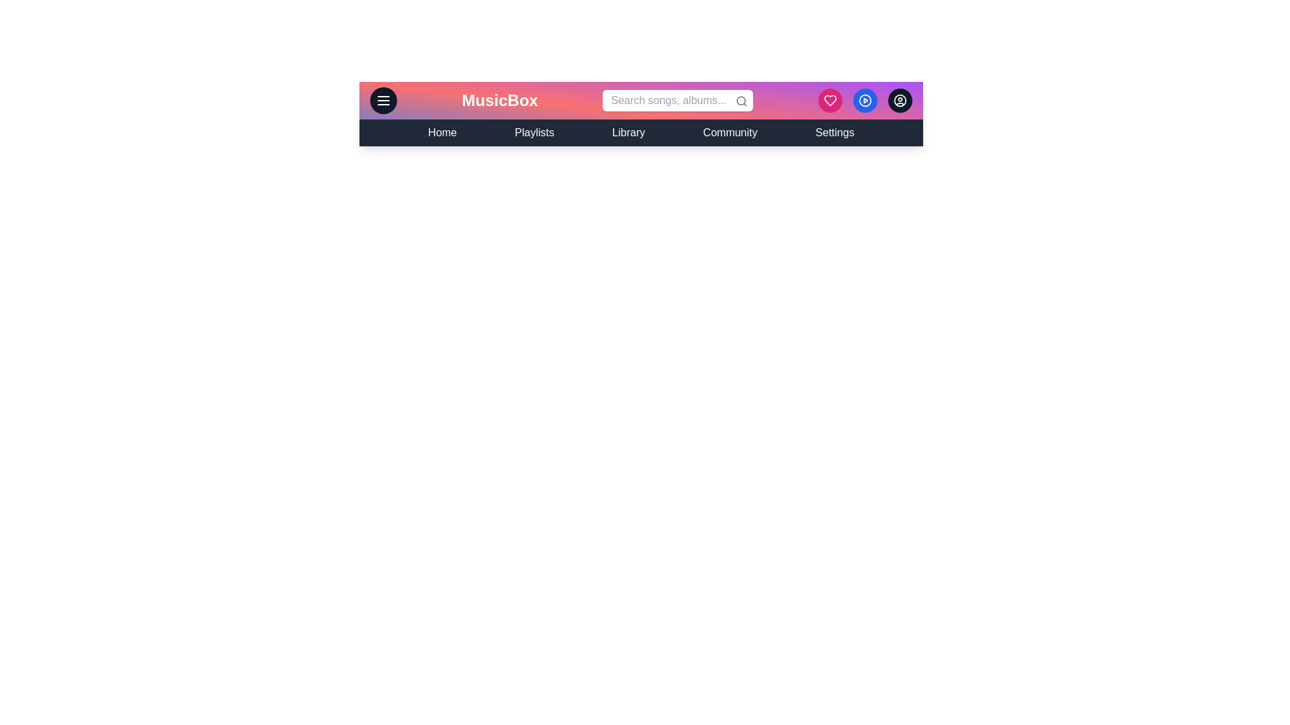 This screenshot has width=1290, height=725. Describe the element at coordinates (730, 132) in the screenshot. I see `the navigation link Community to navigate to the respective section` at that location.